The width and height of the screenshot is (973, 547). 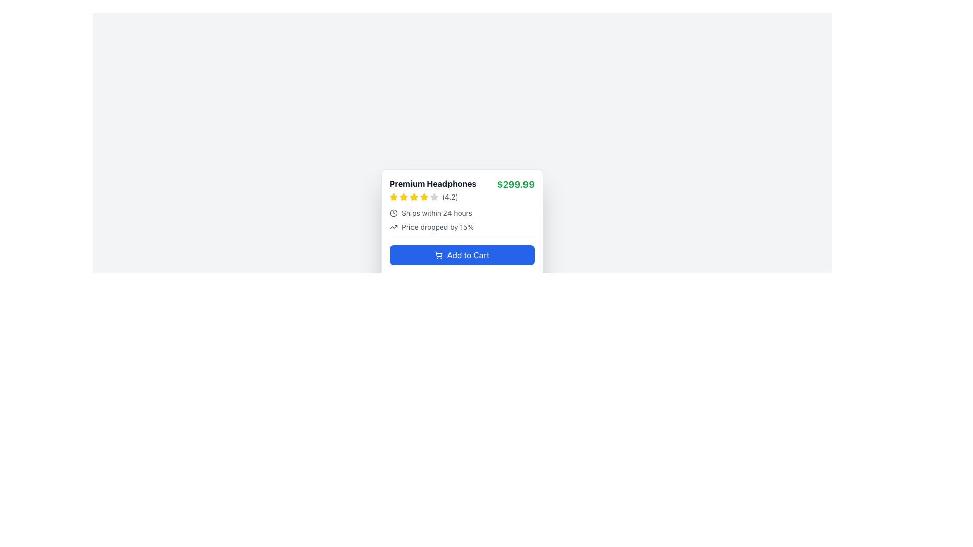 What do you see at coordinates (403, 197) in the screenshot?
I see `the first yellow filled star icon in the rating system to interact with the rating system` at bounding box center [403, 197].